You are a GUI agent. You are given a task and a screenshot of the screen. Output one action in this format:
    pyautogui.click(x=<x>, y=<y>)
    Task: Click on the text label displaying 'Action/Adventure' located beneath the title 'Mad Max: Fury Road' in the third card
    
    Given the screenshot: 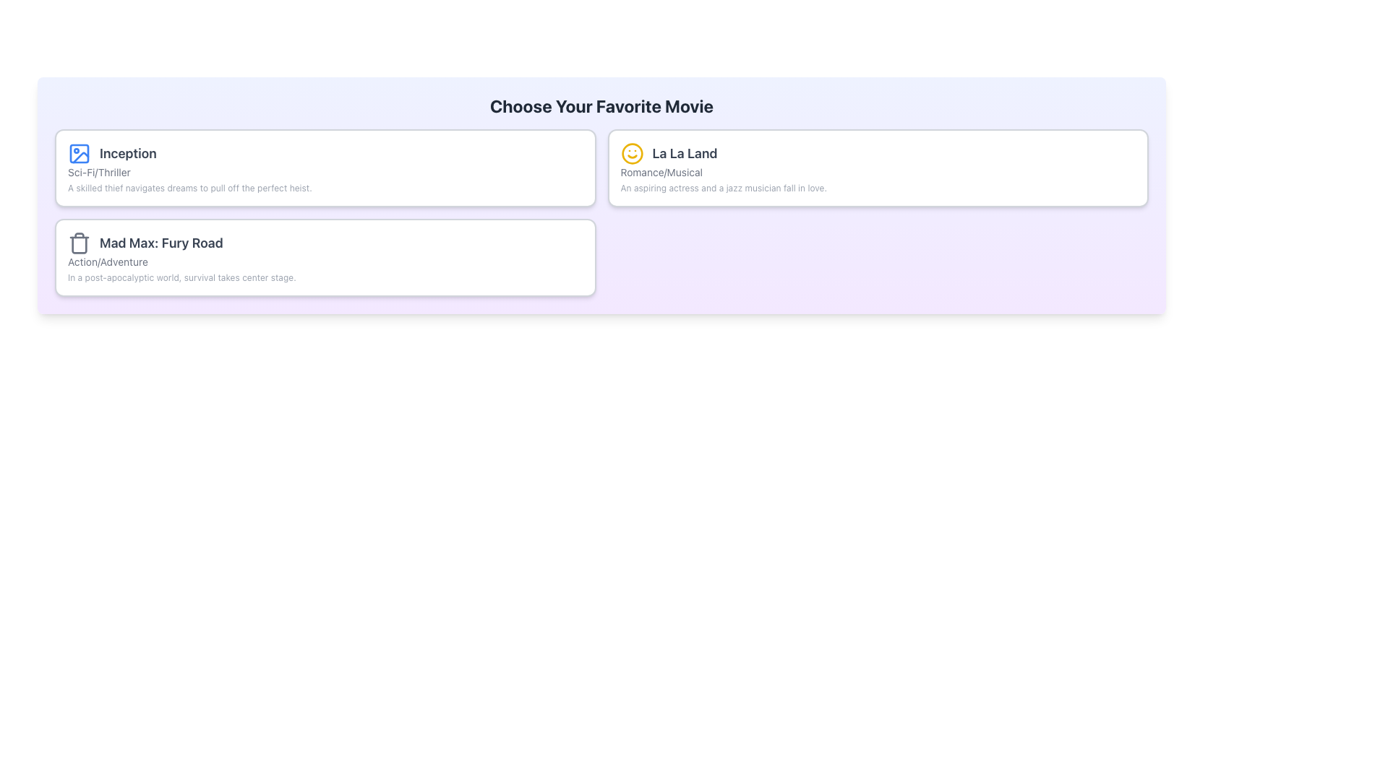 What is the action you would take?
    pyautogui.click(x=107, y=261)
    